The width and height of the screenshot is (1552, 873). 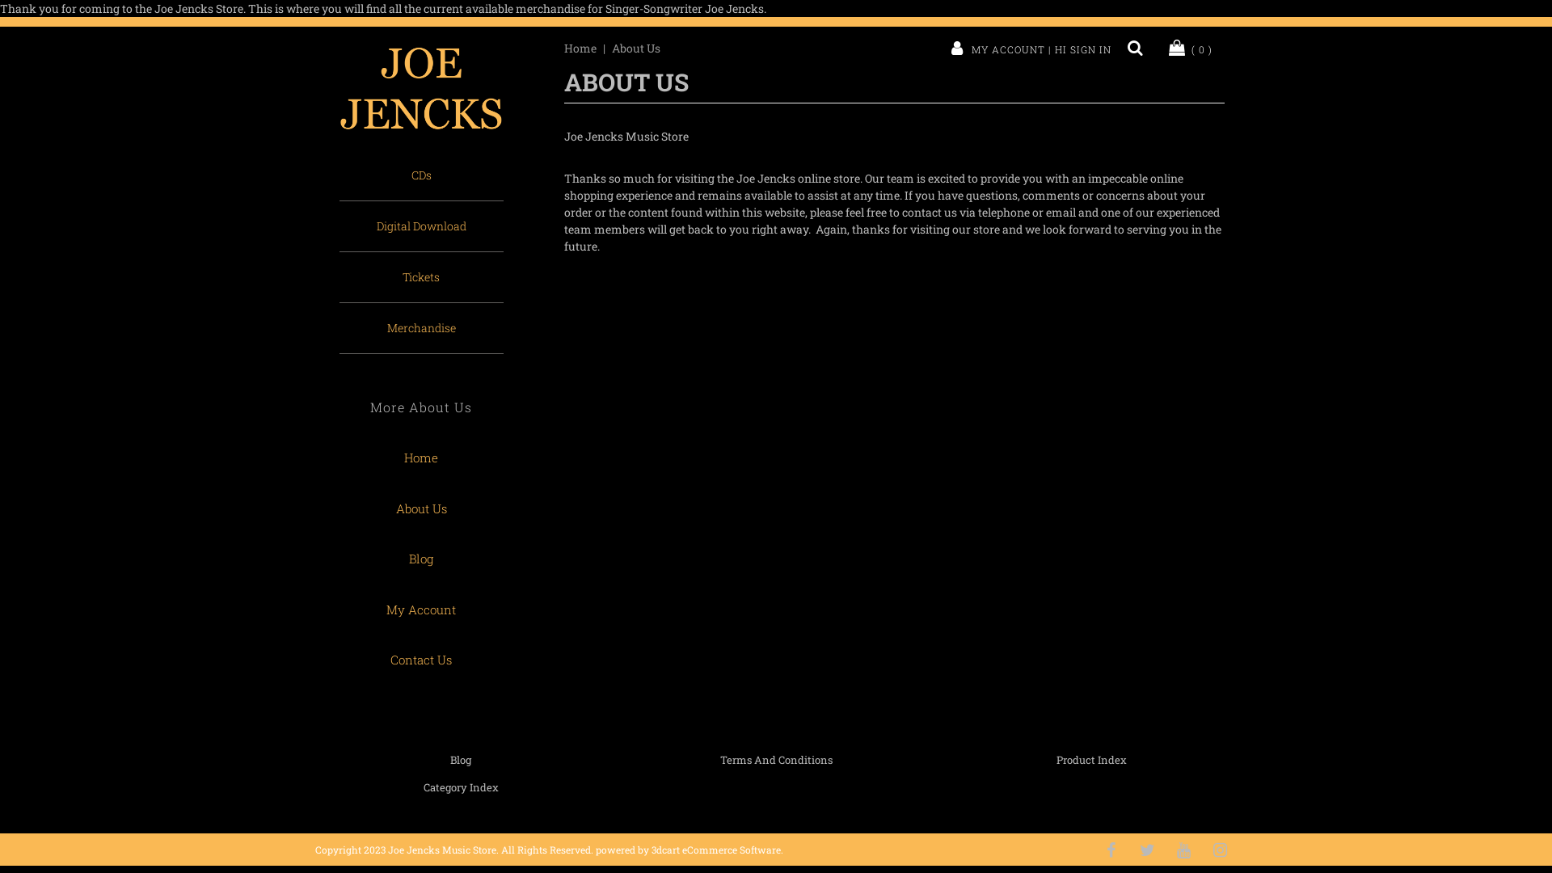 What do you see at coordinates (1109, 847) in the screenshot?
I see `'Like Us on Facebook'` at bounding box center [1109, 847].